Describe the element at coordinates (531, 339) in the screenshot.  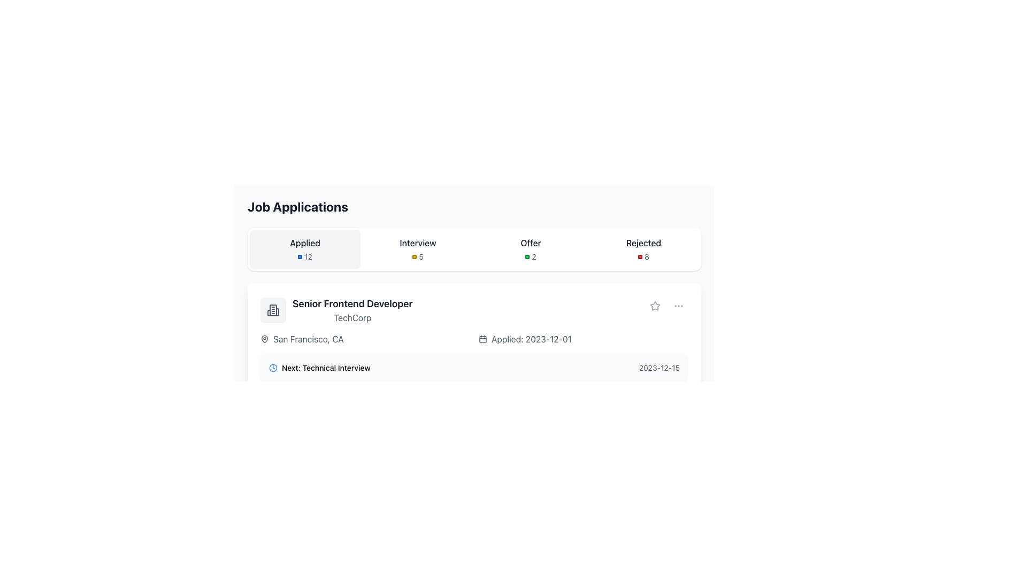
I see `the text label displaying 'Applied: 2023-12-01' in gray font, located on the right side of a job application card layout, next to a calendar icon` at that location.